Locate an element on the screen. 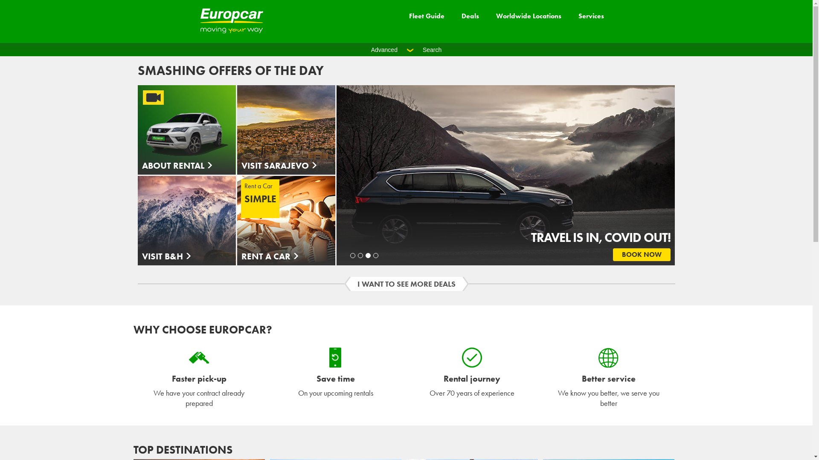  'Deals' is located at coordinates (452, 16).